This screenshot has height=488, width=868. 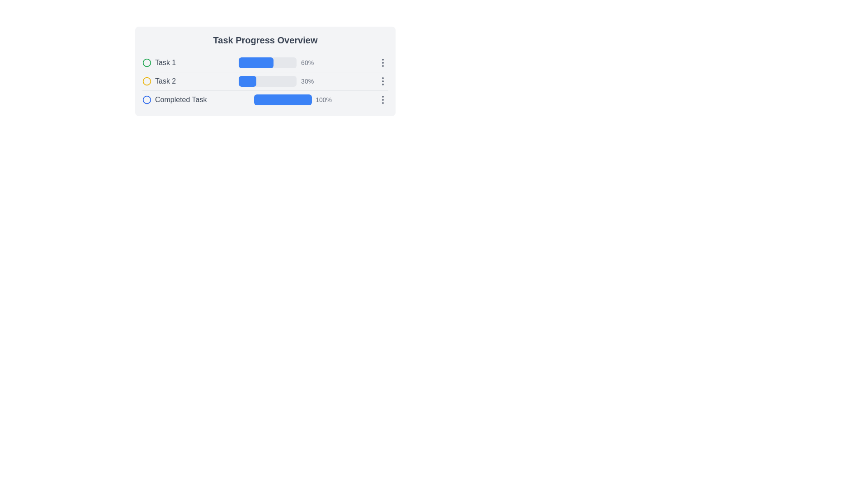 I want to click on the percentage label displaying '60%' next to the blue progress bar for Task 1 in the task list interface, so click(x=307, y=62).